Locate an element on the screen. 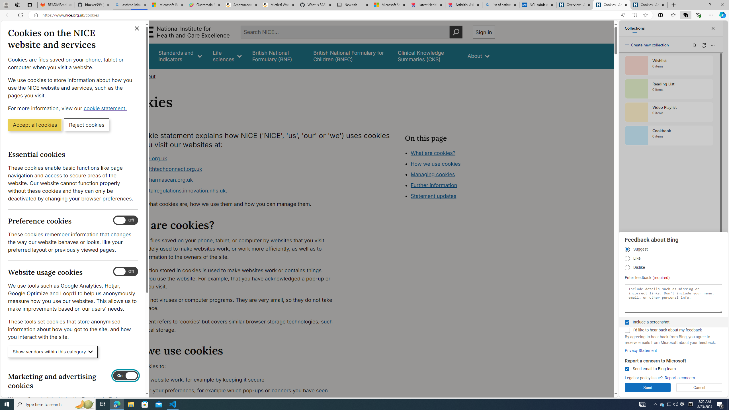 This screenshot has width=729, height=410. 'Website usage cookies' is located at coordinates (125, 271).